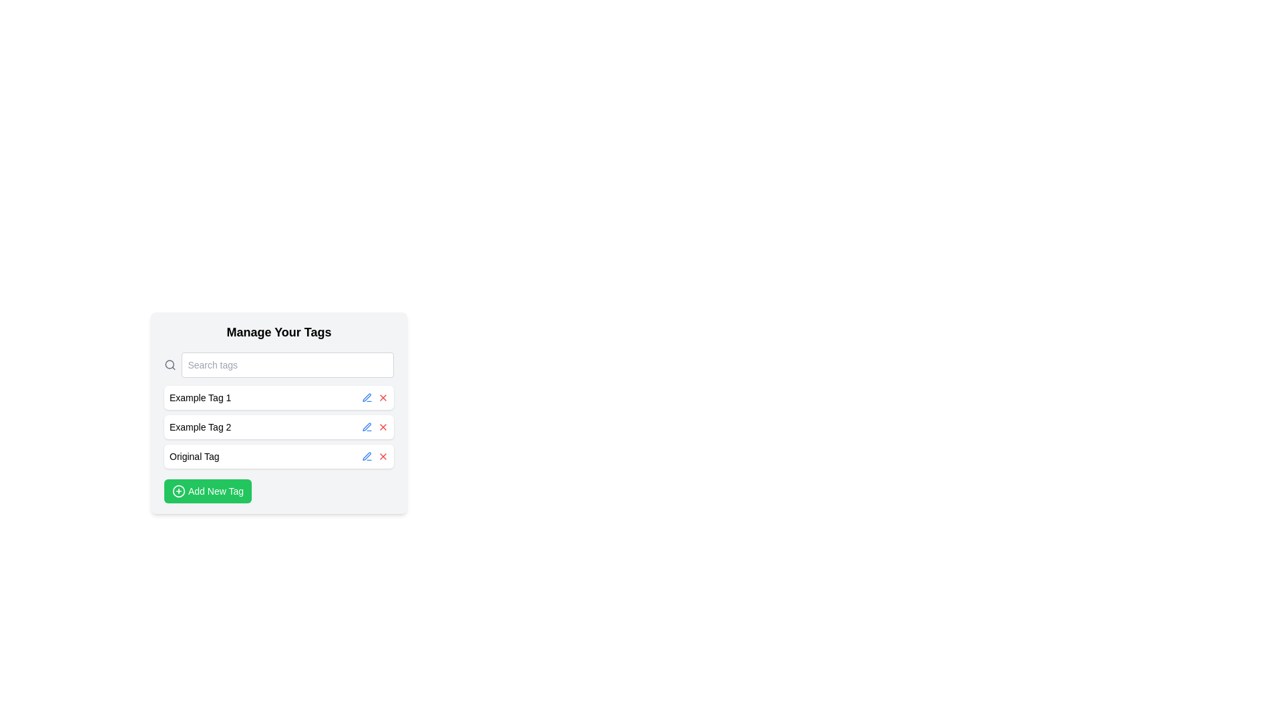  Describe the element at coordinates (367, 427) in the screenshot. I see `the edit icon button located to the immediate left of the text entry labeled 'Example Tag 2' to initiate editing the associated tag` at that location.